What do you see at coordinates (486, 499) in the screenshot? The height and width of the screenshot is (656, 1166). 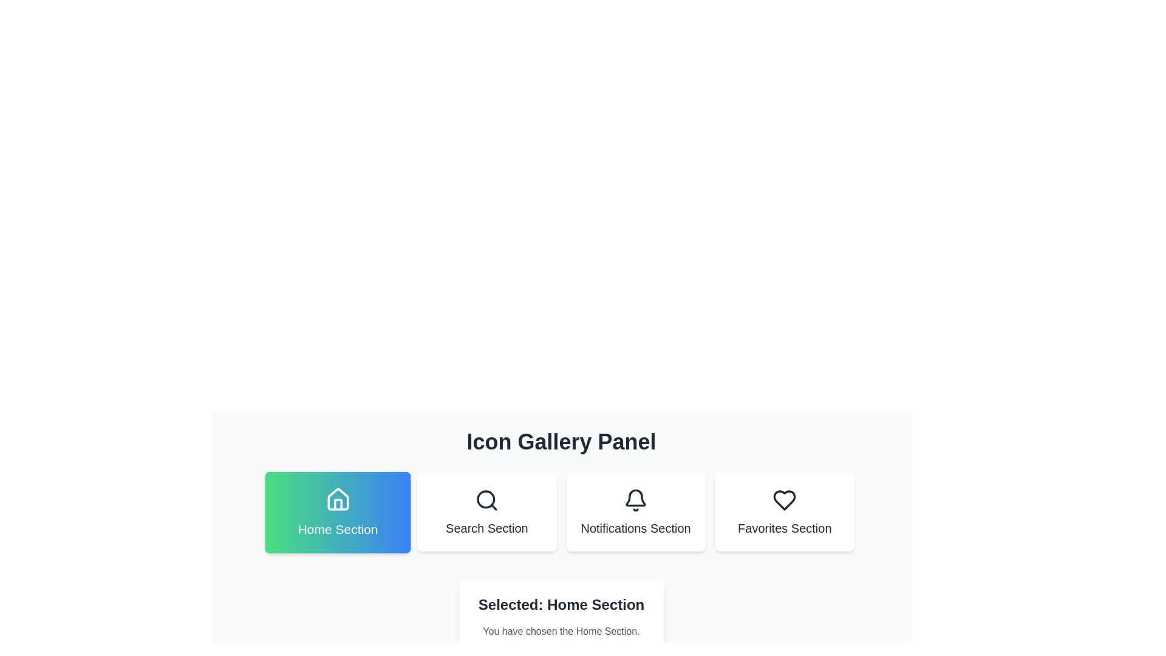 I see `the circular icon within the magnifying glass located in the Search Section of the interface` at bounding box center [486, 499].